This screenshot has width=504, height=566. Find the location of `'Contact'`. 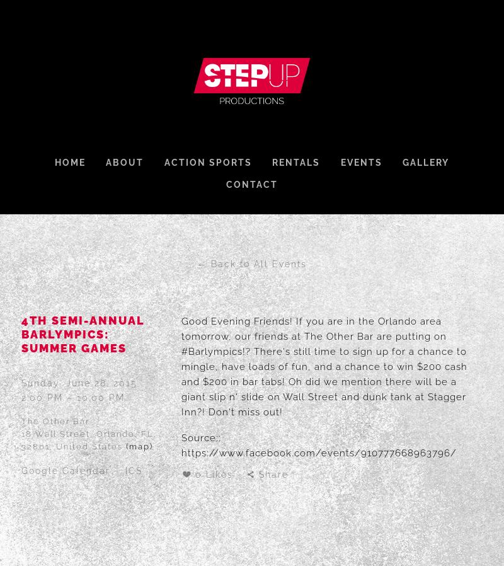

'Contact' is located at coordinates (226, 184).